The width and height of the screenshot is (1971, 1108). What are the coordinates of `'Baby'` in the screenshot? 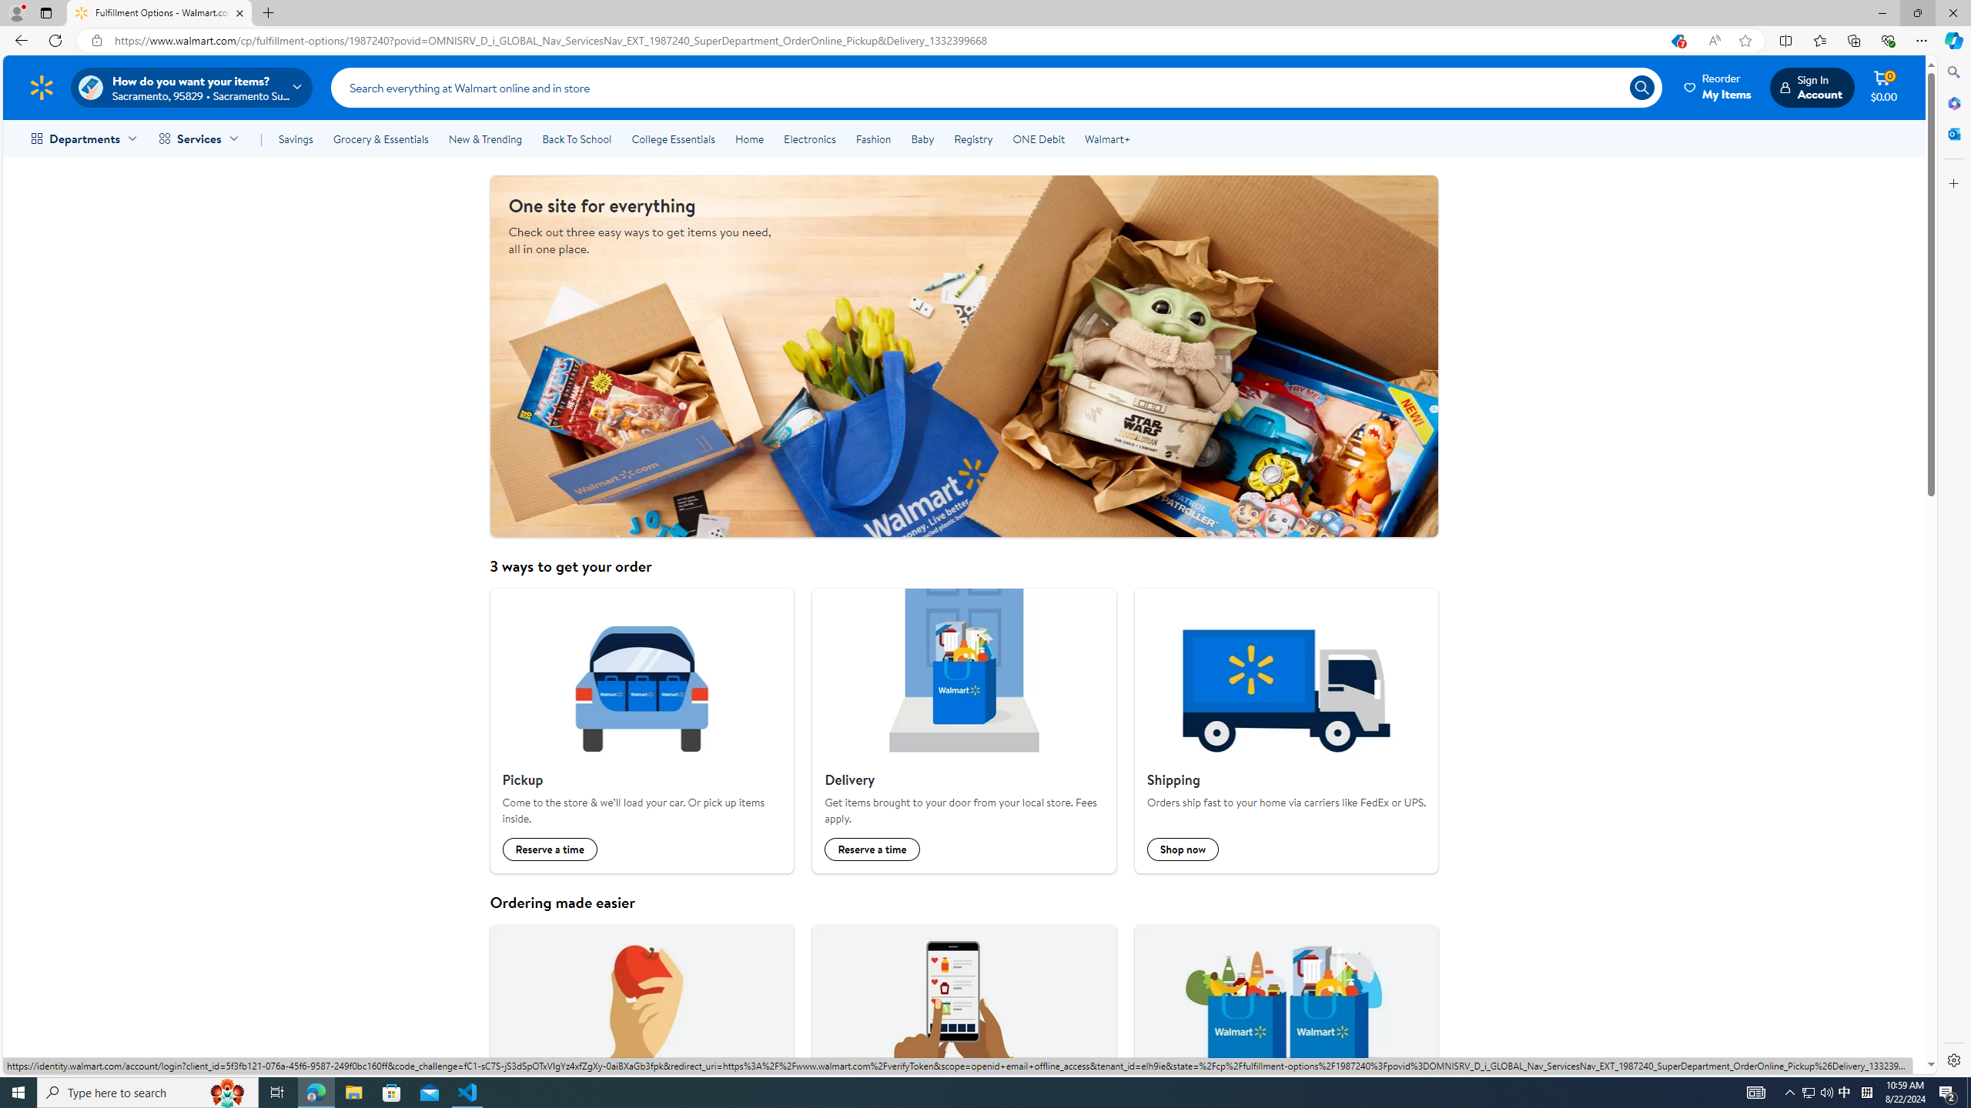 It's located at (922, 138).